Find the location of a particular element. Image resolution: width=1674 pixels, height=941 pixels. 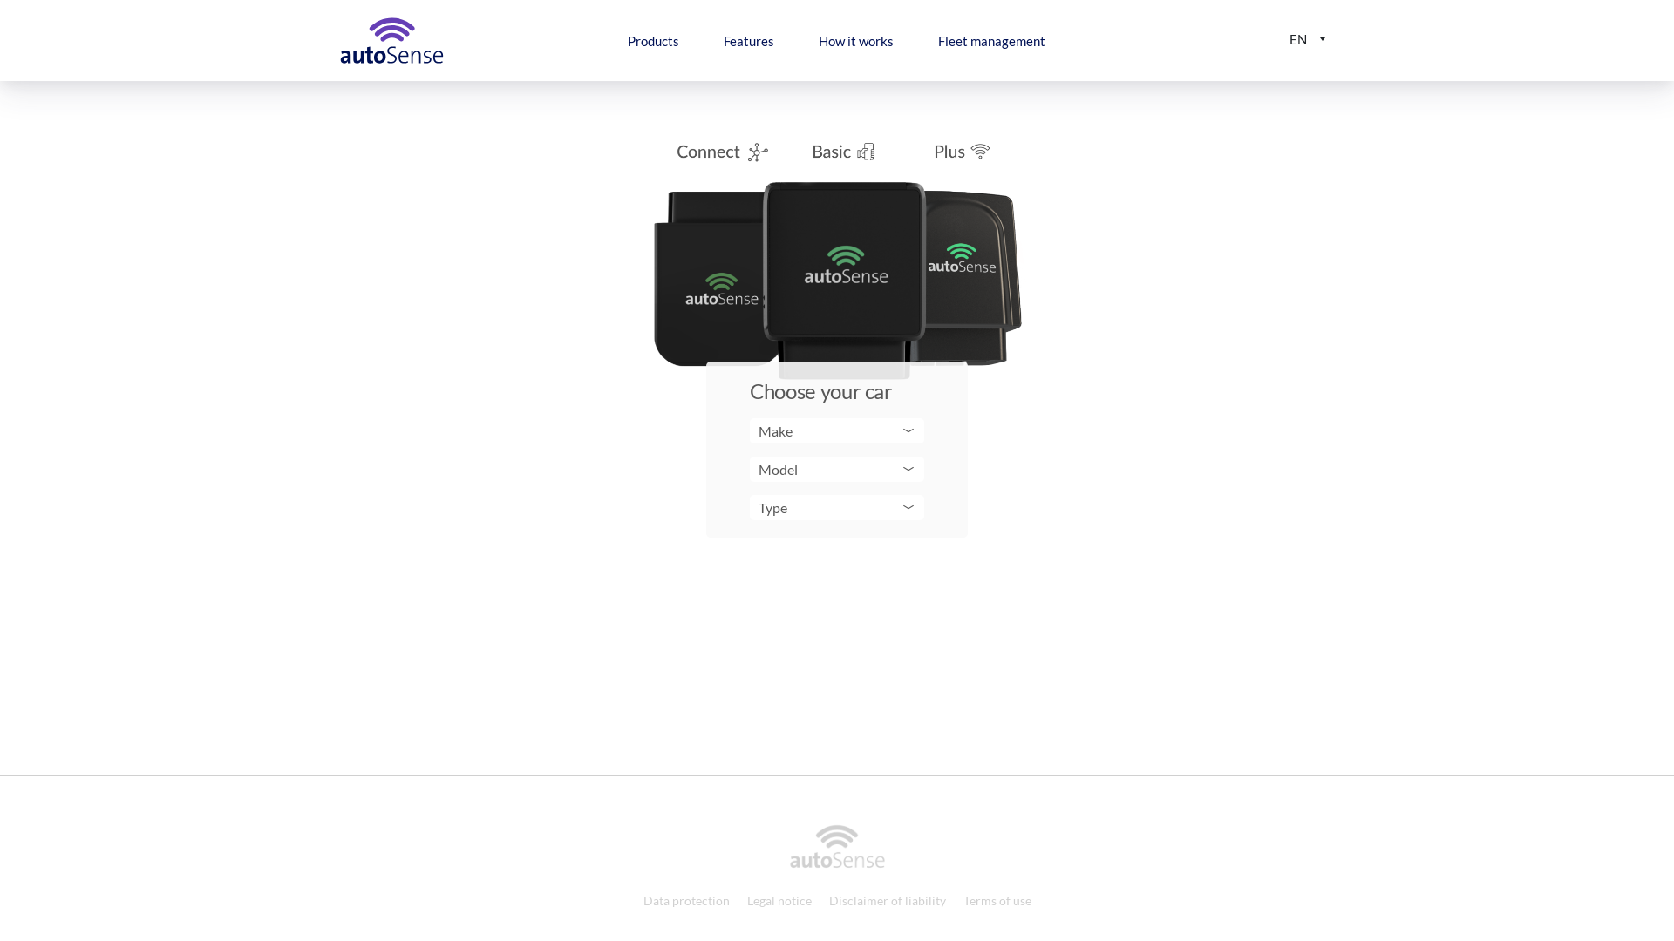

'How it works' is located at coordinates (856, 40).